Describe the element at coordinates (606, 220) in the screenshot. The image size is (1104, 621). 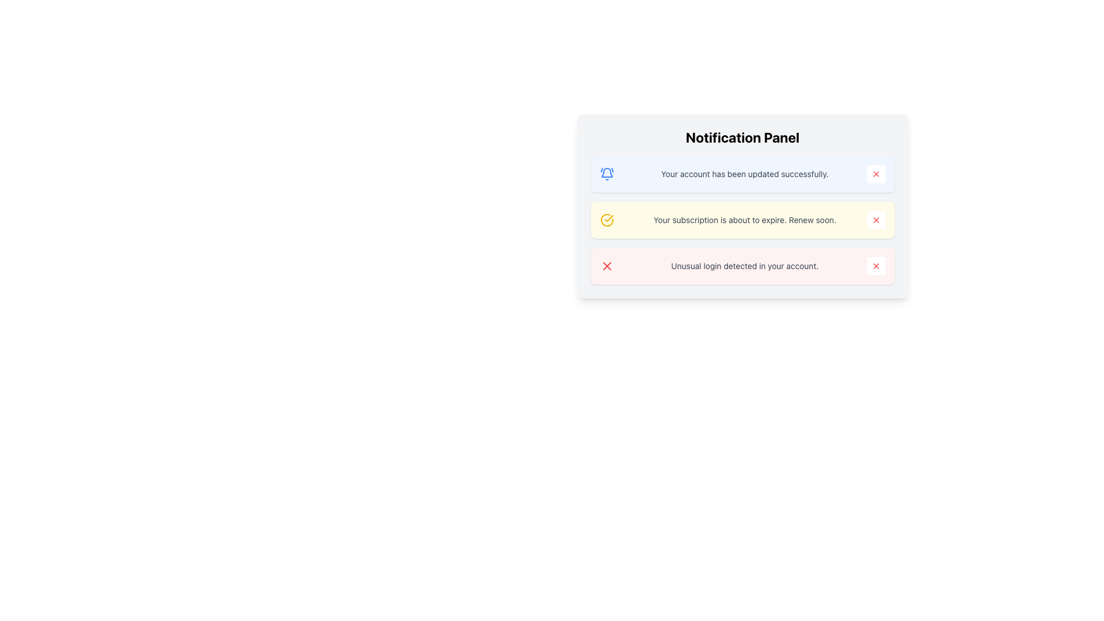
I see `the yellow-tinted warning icon in the second notification item of the Notification Panel to visually identify the subscription expiration warning` at that location.